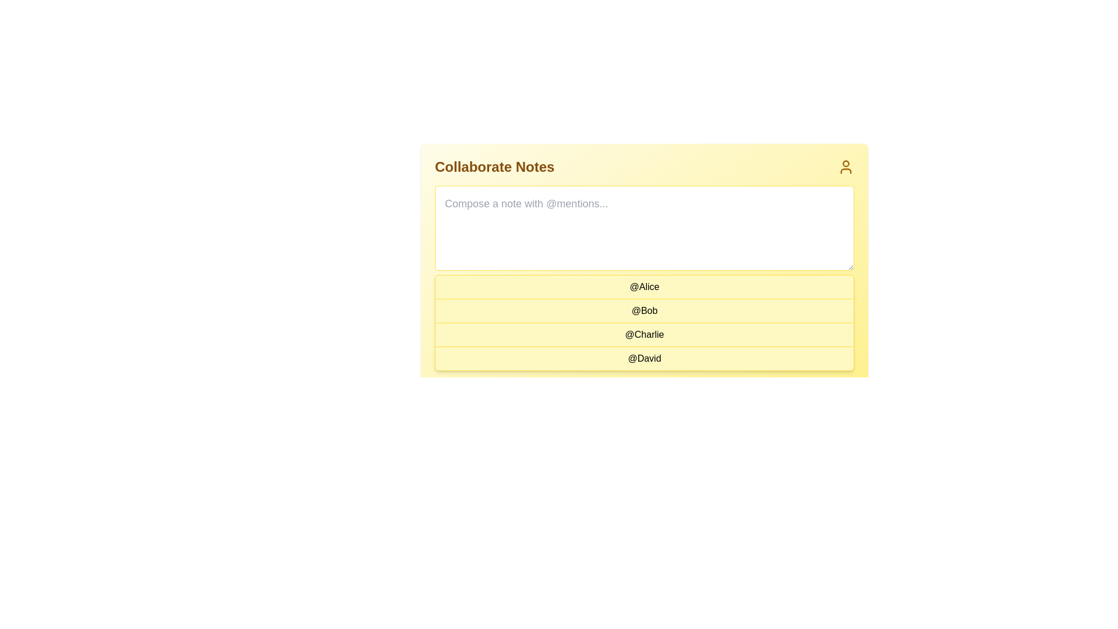 The height and width of the screenshot is (629, 1118). I want to click on the first list item representing the mentionable user '@Alice', located directly below the input field titled 'Compose a note with @mentions...', so click(644, 281).